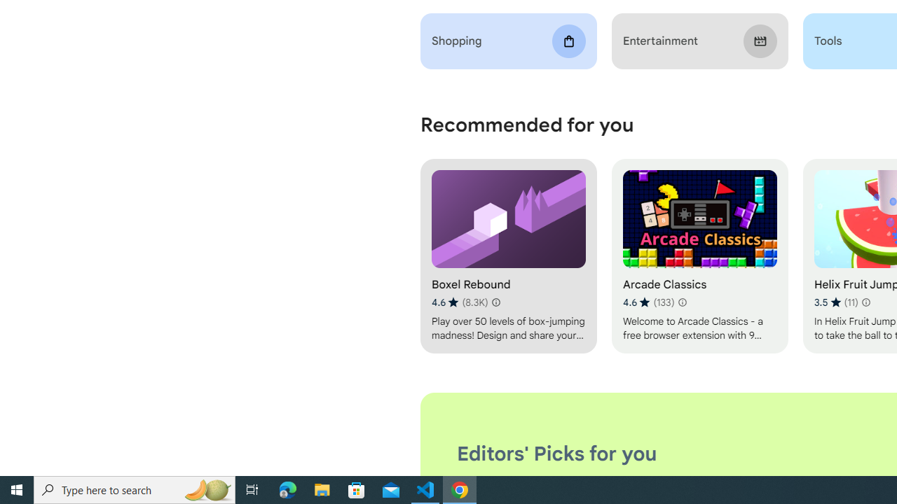 The height and width of the screenshot is (504, 897). Describe the element at coordinates (460, 302) in the screenshot. I see `'Average rating 4.6 out of 5 stars. 8.3K ratings.'` at that location.